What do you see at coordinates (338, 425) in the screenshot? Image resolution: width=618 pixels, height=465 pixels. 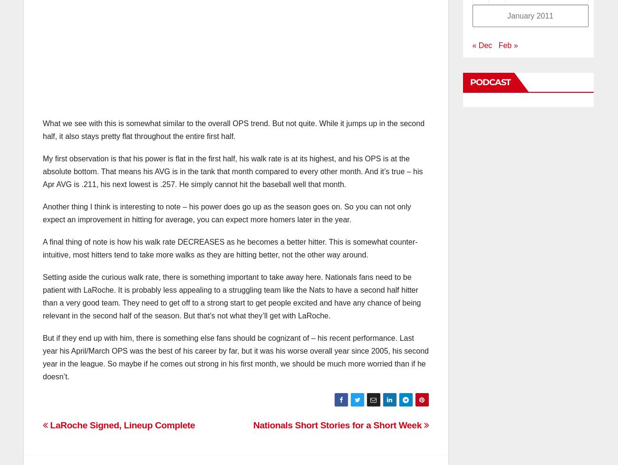 I see `'Nationals Short Stories for a Short Week'` at bounding box center [338, 425].